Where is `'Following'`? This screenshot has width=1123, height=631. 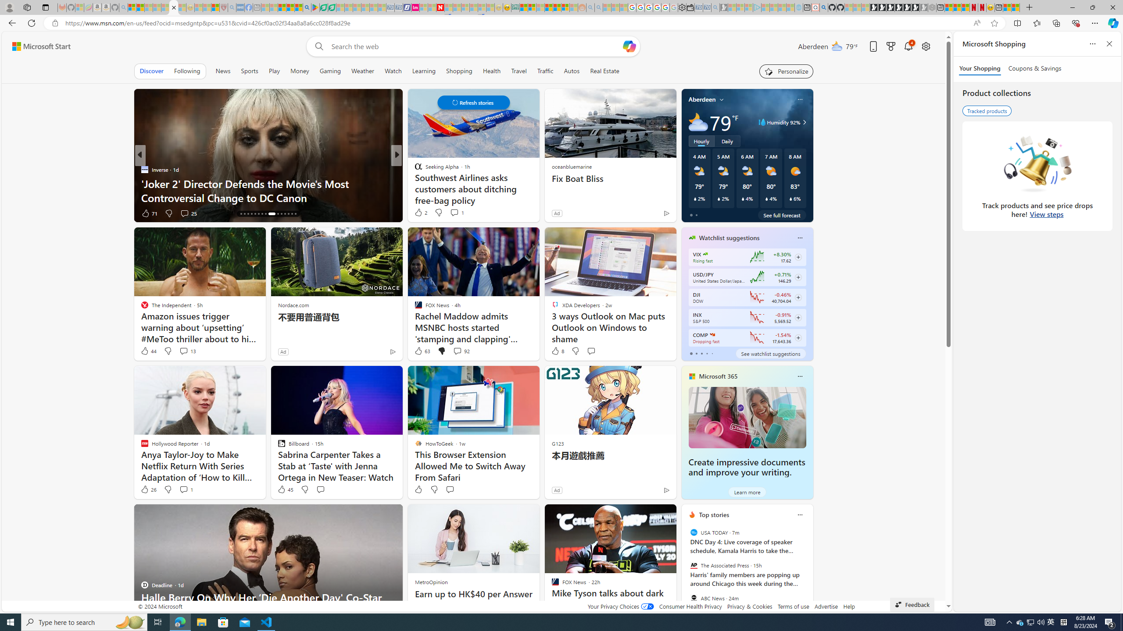 'Following' is located at coordinates (186, 71).